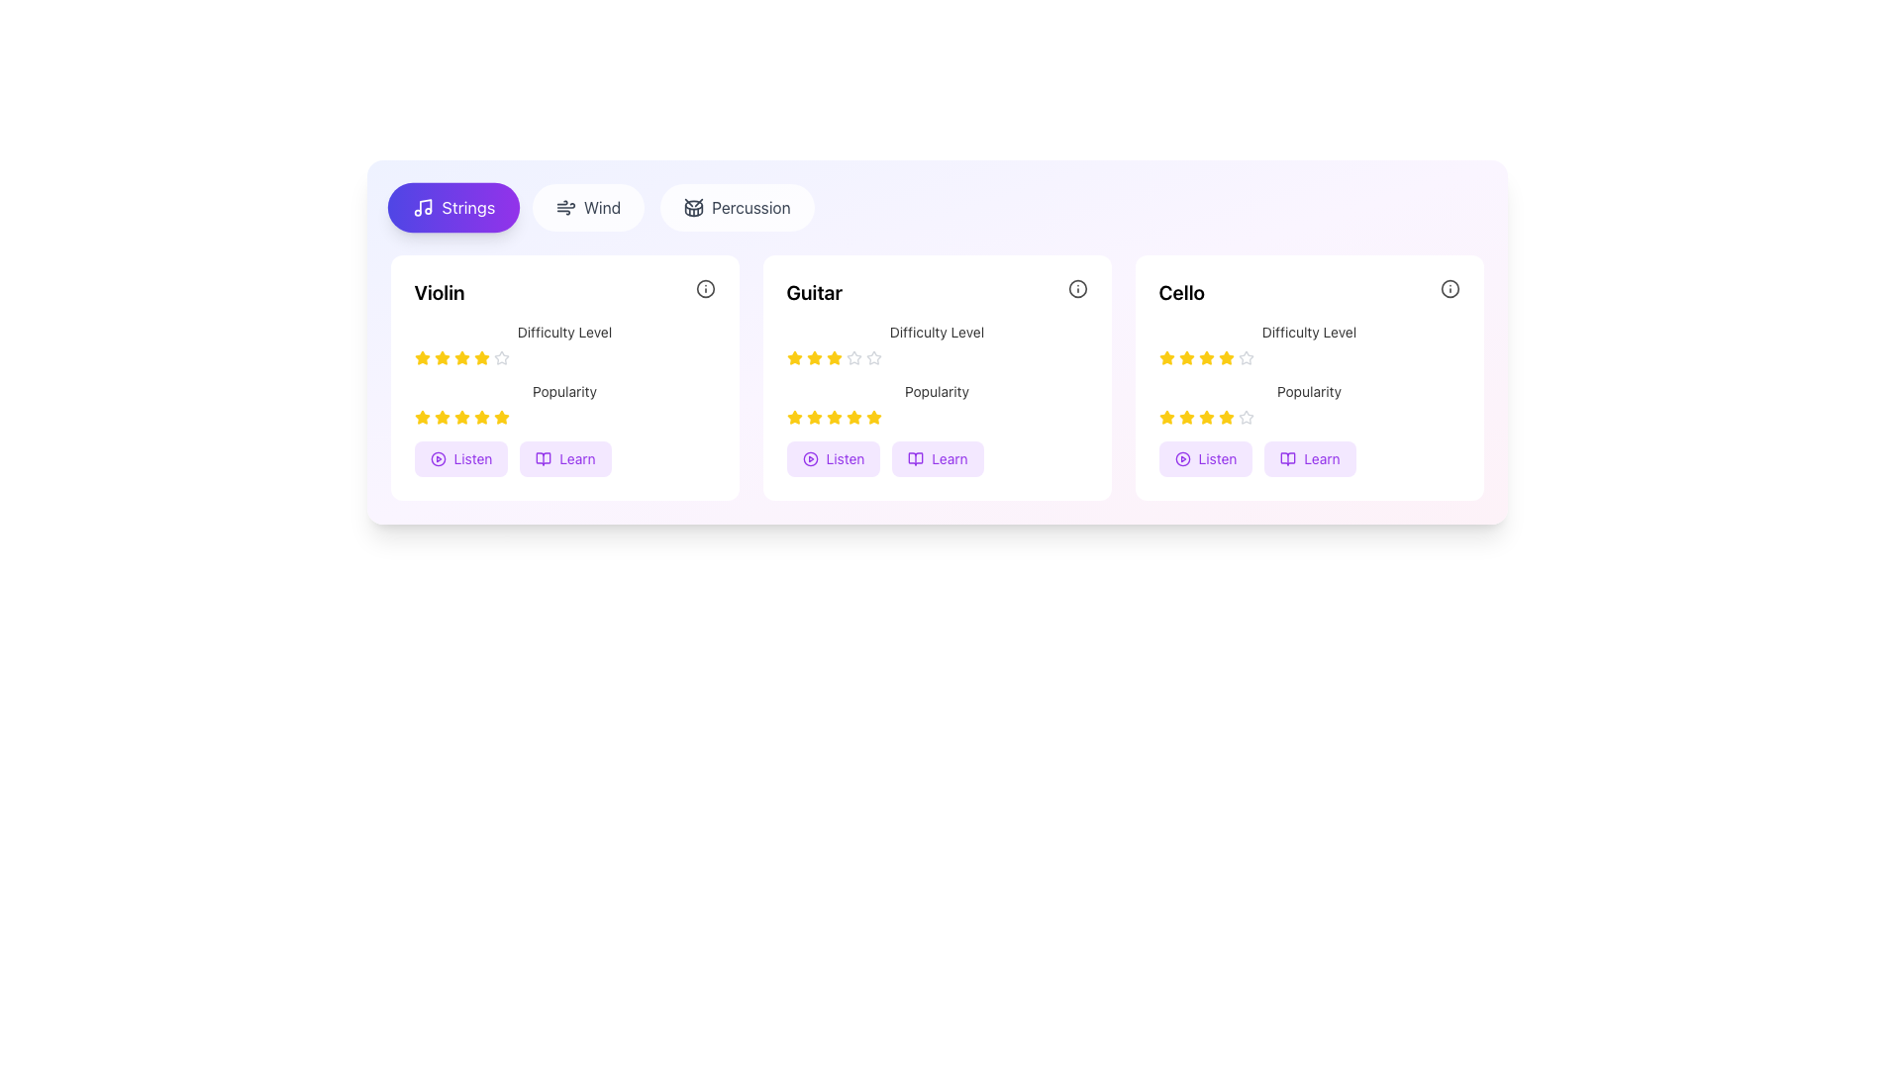  I want to click on the wind instruments filter button located between the 'Strings' and 'Percussion' buttons at the top of the interface for keyboard interaction, so click(587, 207).